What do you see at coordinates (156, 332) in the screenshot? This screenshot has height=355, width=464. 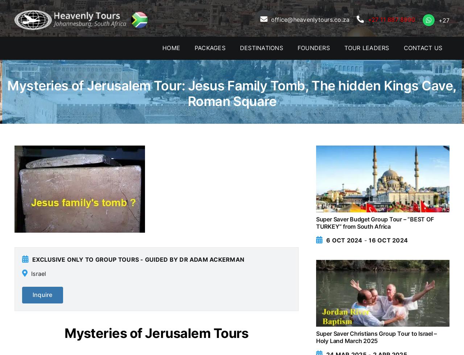 I see `'Mysteries of Jerusalem Tours'` at bounding box center [156, 332].